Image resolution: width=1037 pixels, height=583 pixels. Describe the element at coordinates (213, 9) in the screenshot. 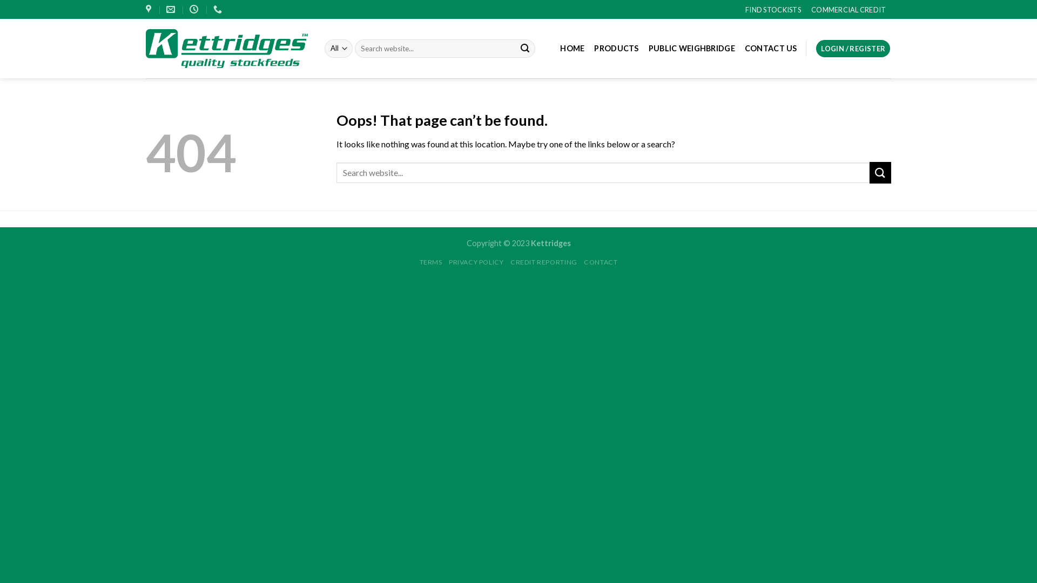

I see `'(08) 9724 6800'` at that location.